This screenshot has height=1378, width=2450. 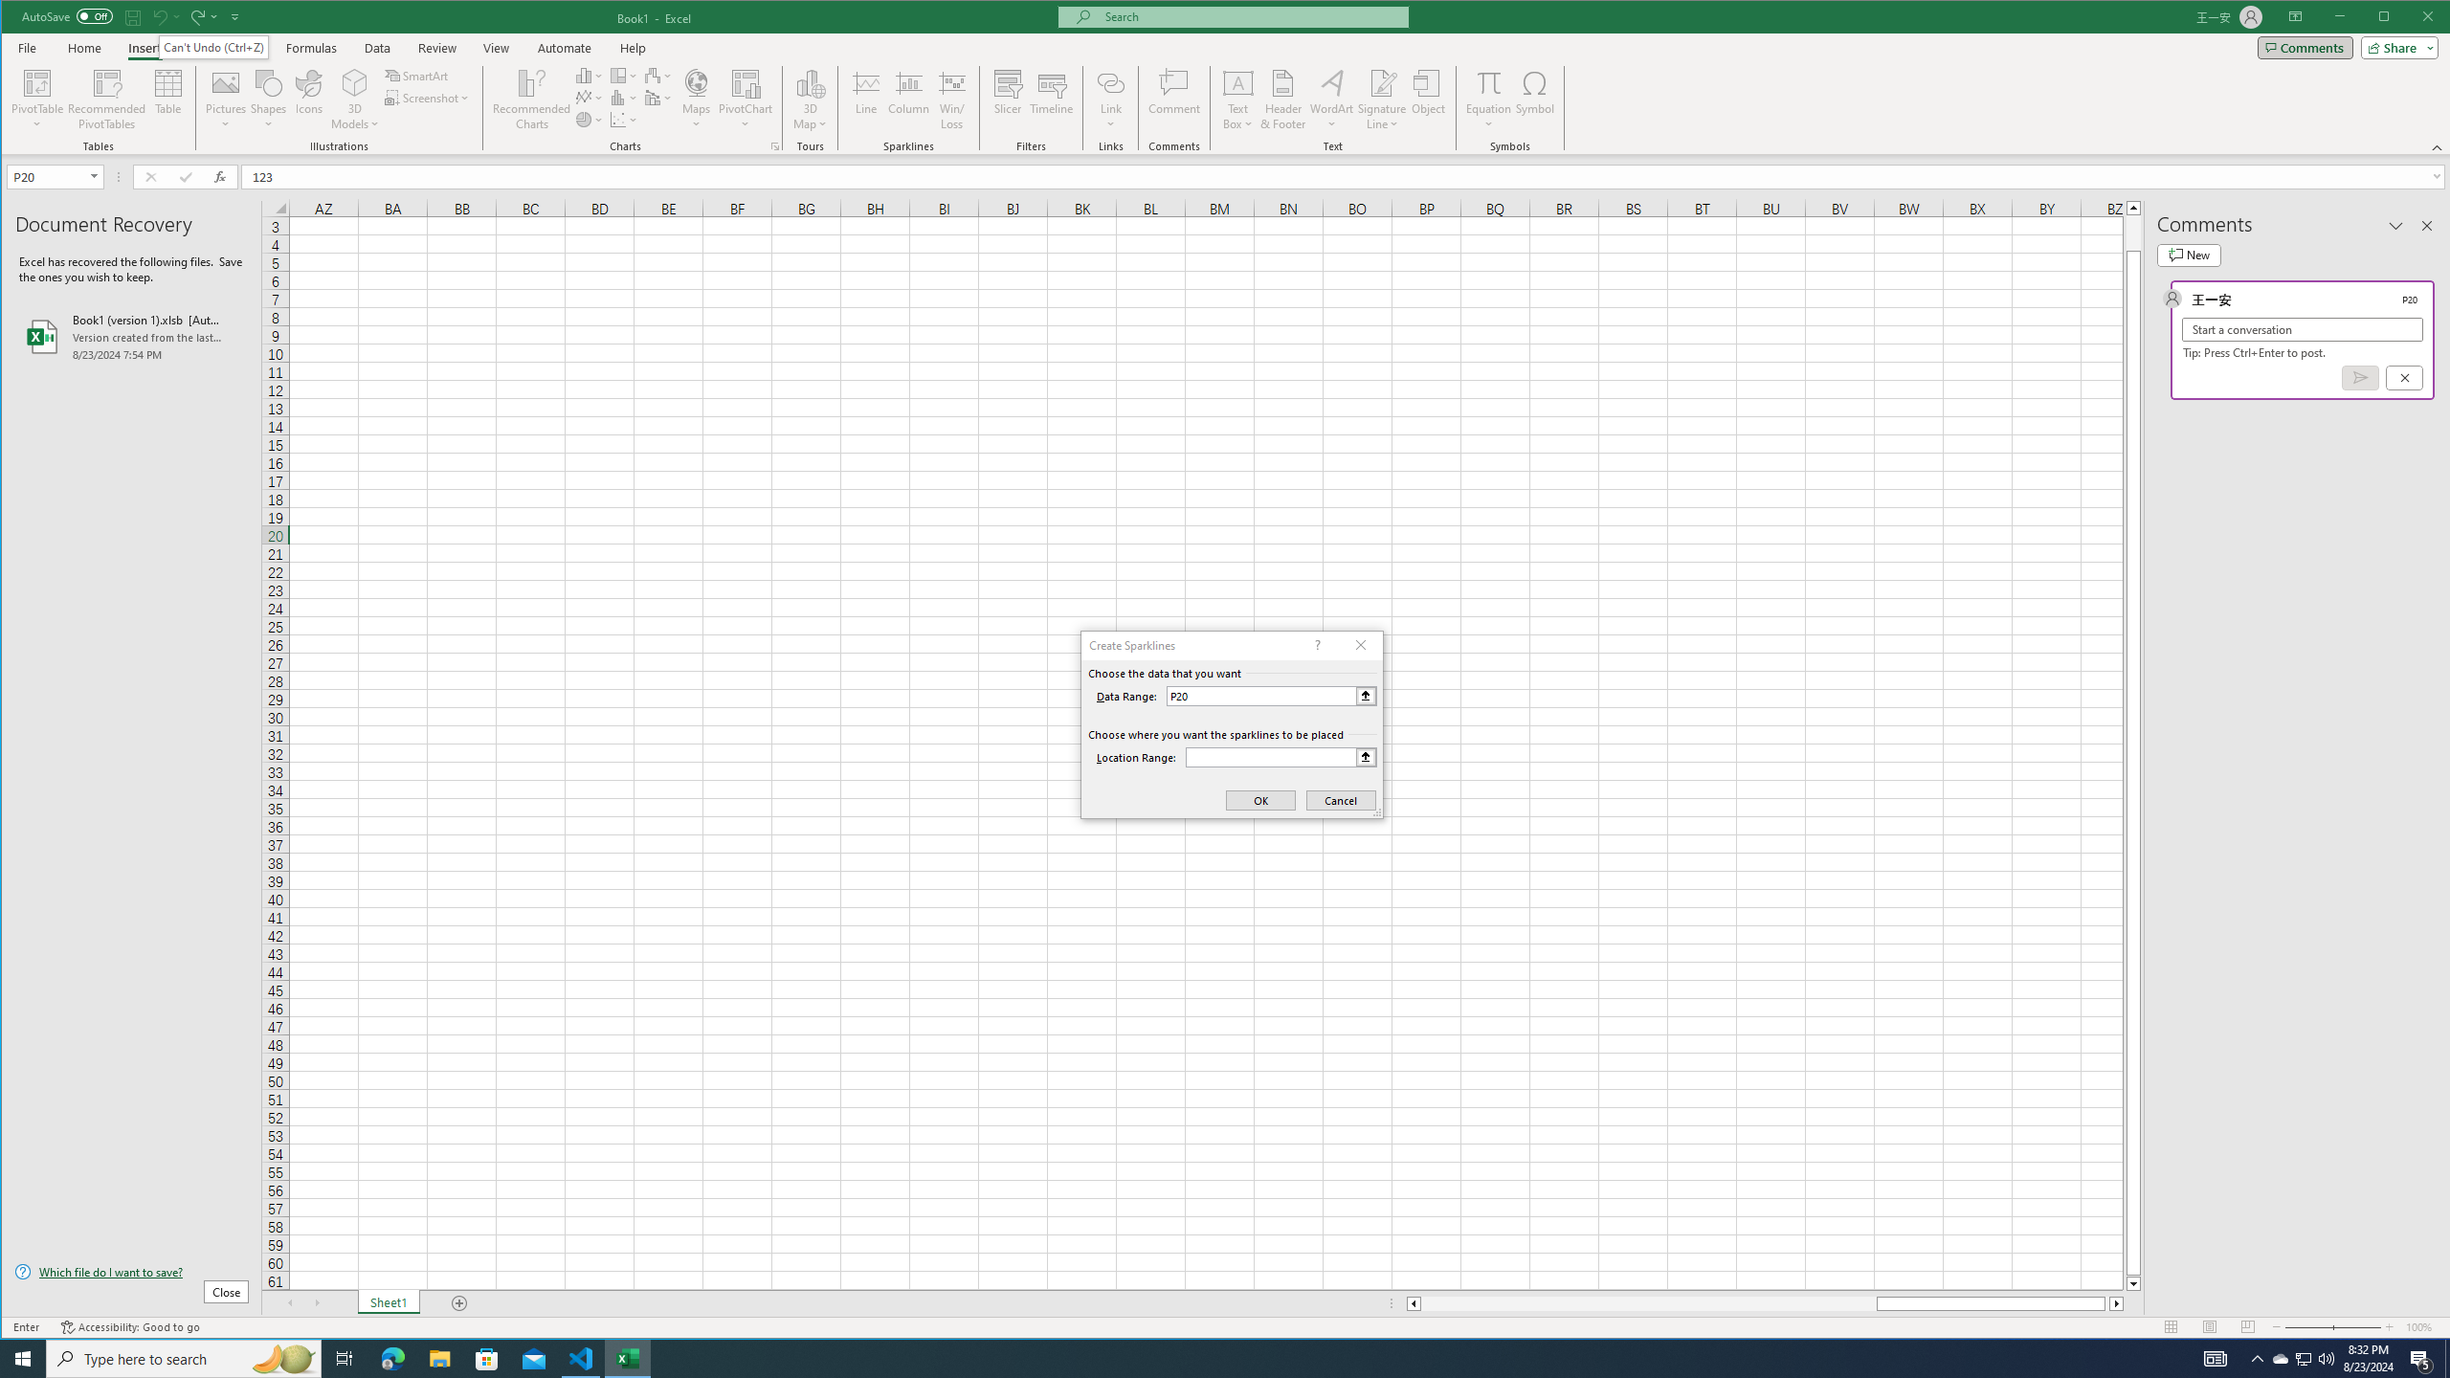 What do you see at coordinates (951, 99) in the screenshot?
I see `'Win/Loss'` at bounding box center [951, 99].